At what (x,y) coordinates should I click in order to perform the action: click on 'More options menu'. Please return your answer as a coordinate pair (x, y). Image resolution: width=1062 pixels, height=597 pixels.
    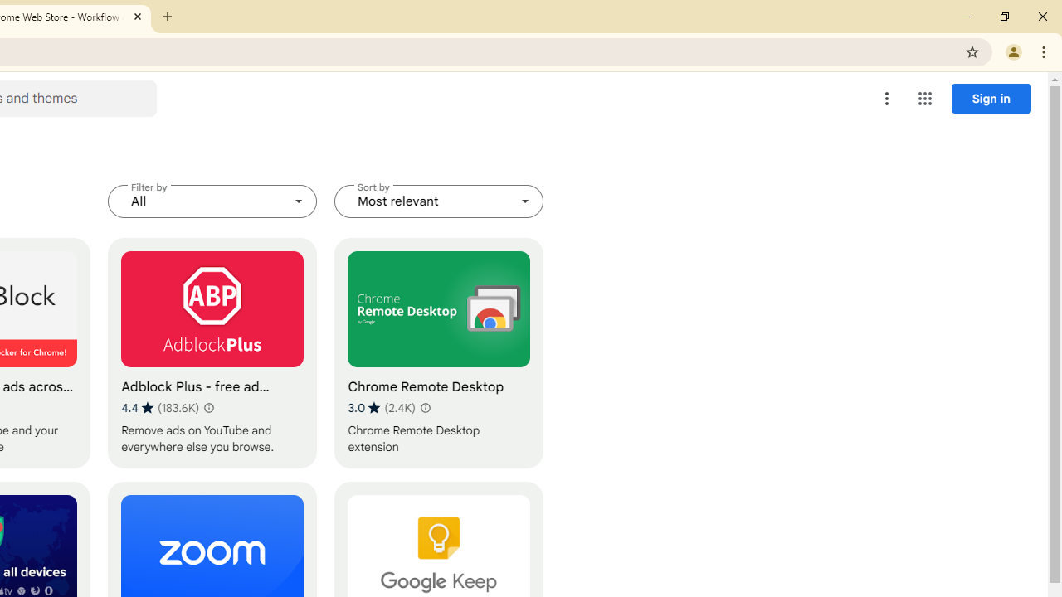
    Looking at the image, I should click on (886, 99).